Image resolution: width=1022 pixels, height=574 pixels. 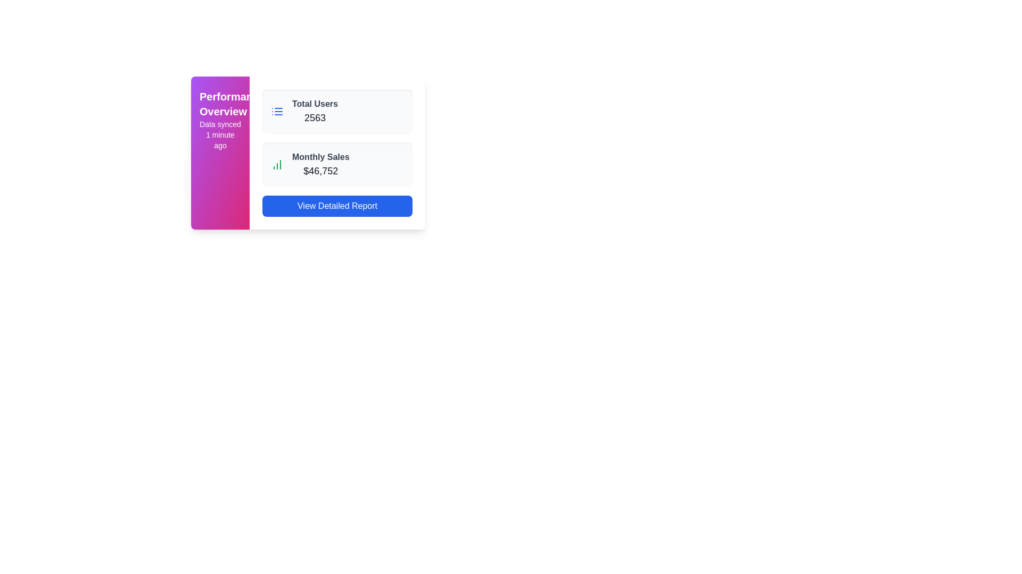 I want to click on the vertical bar chart icon located to the left of the 'Monthly Sales' section, which features three green bars of varying heights, so click(x=277, y=164).